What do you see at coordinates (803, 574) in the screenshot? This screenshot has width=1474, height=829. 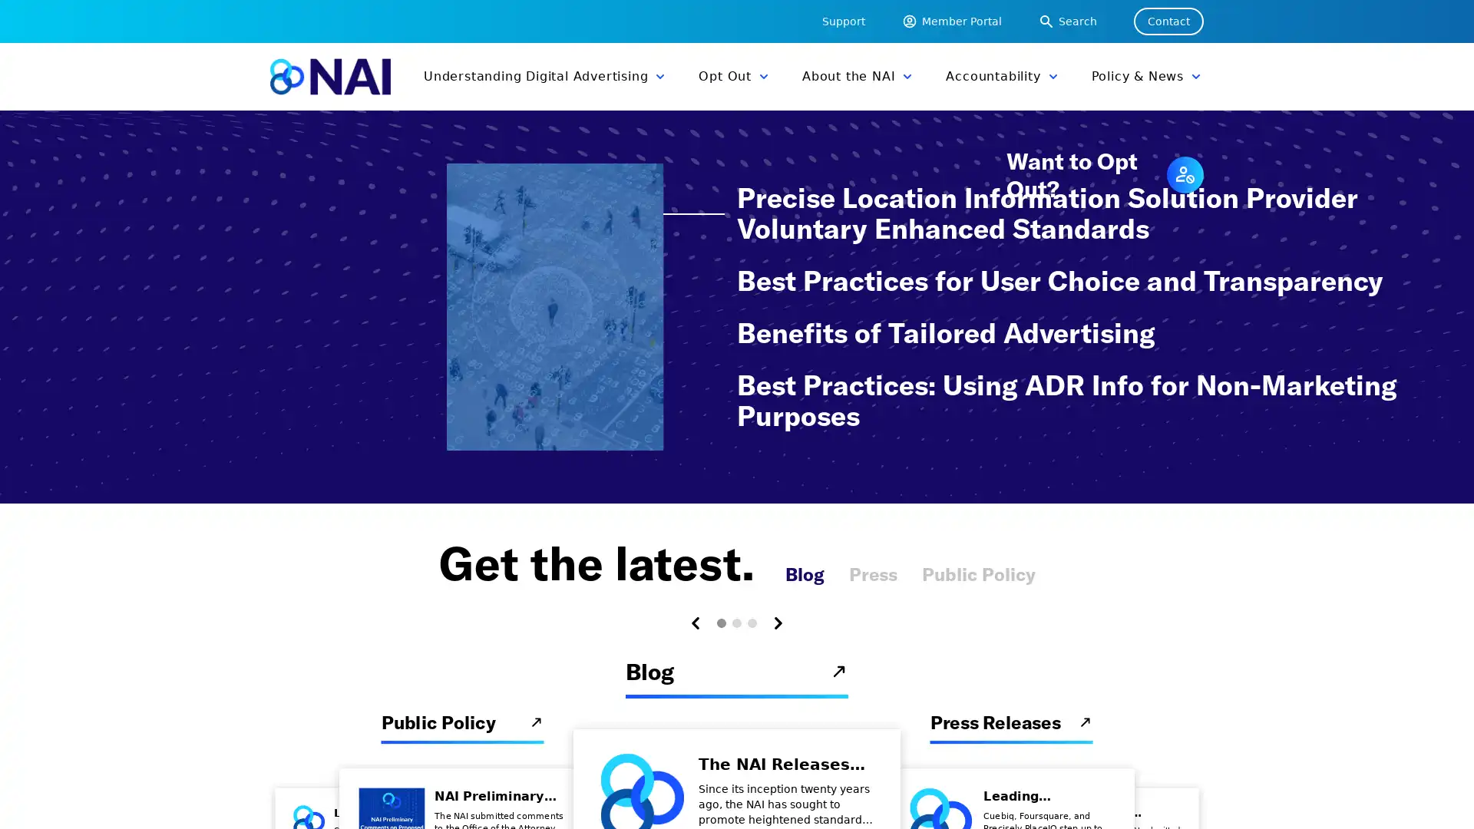 I see `Blog` at bounding box center [803, 574].